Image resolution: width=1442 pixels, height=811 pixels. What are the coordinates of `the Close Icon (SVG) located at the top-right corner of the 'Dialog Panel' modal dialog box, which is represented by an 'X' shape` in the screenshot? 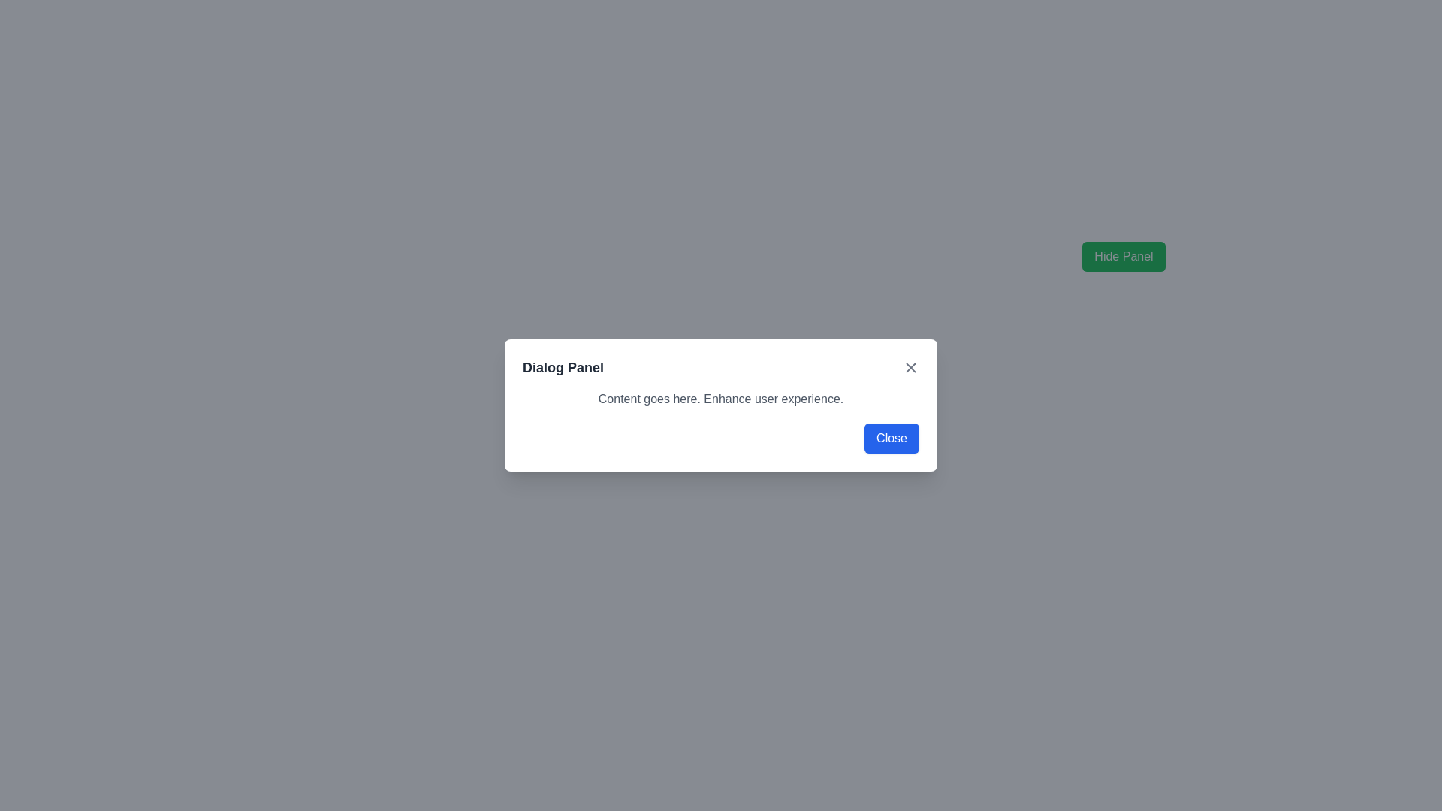 It's located at (910, 367).